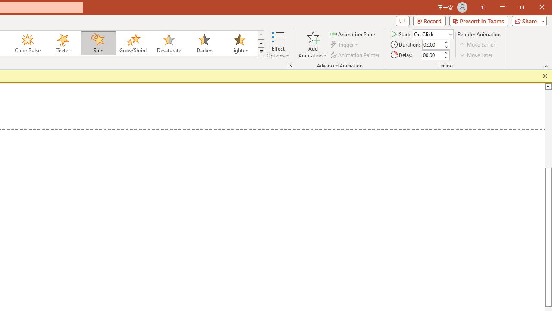 This screenshot has height=311, width=552. Describe the element at coordinates (433, 34) in the screenshot. I see `'Start'` at that location.